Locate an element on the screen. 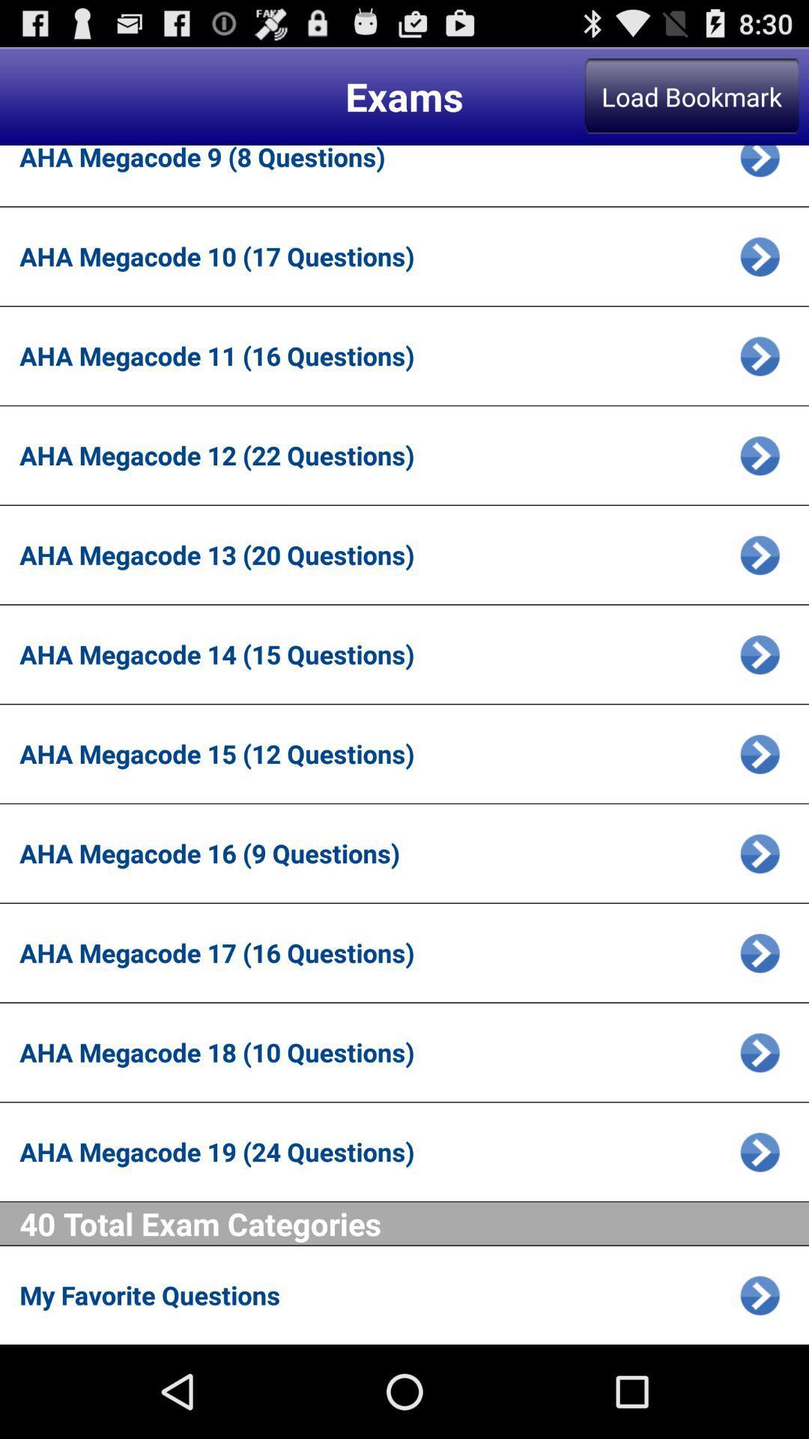 The image size is (809, 1439). the app next to the exams is located at coordinates (691, 95).